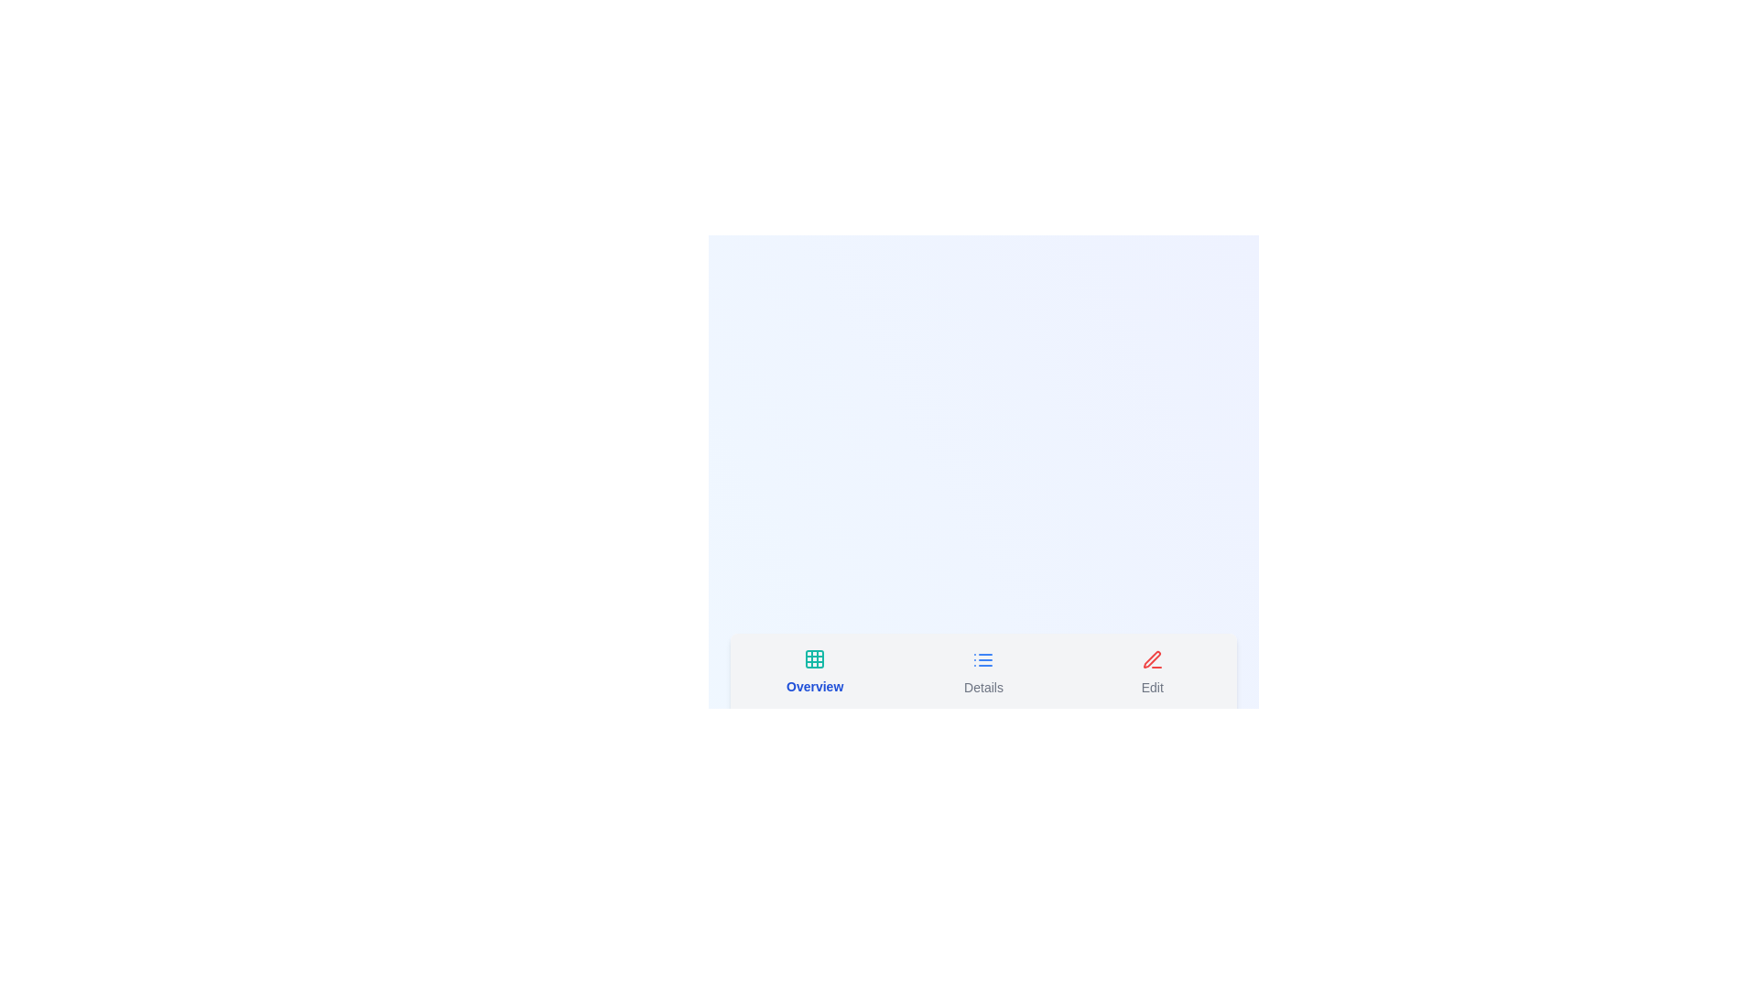 This screenshot has width=1758, height=989. I want to click on the tab labeled Edit by clicking on its button, so click(1150, 671).